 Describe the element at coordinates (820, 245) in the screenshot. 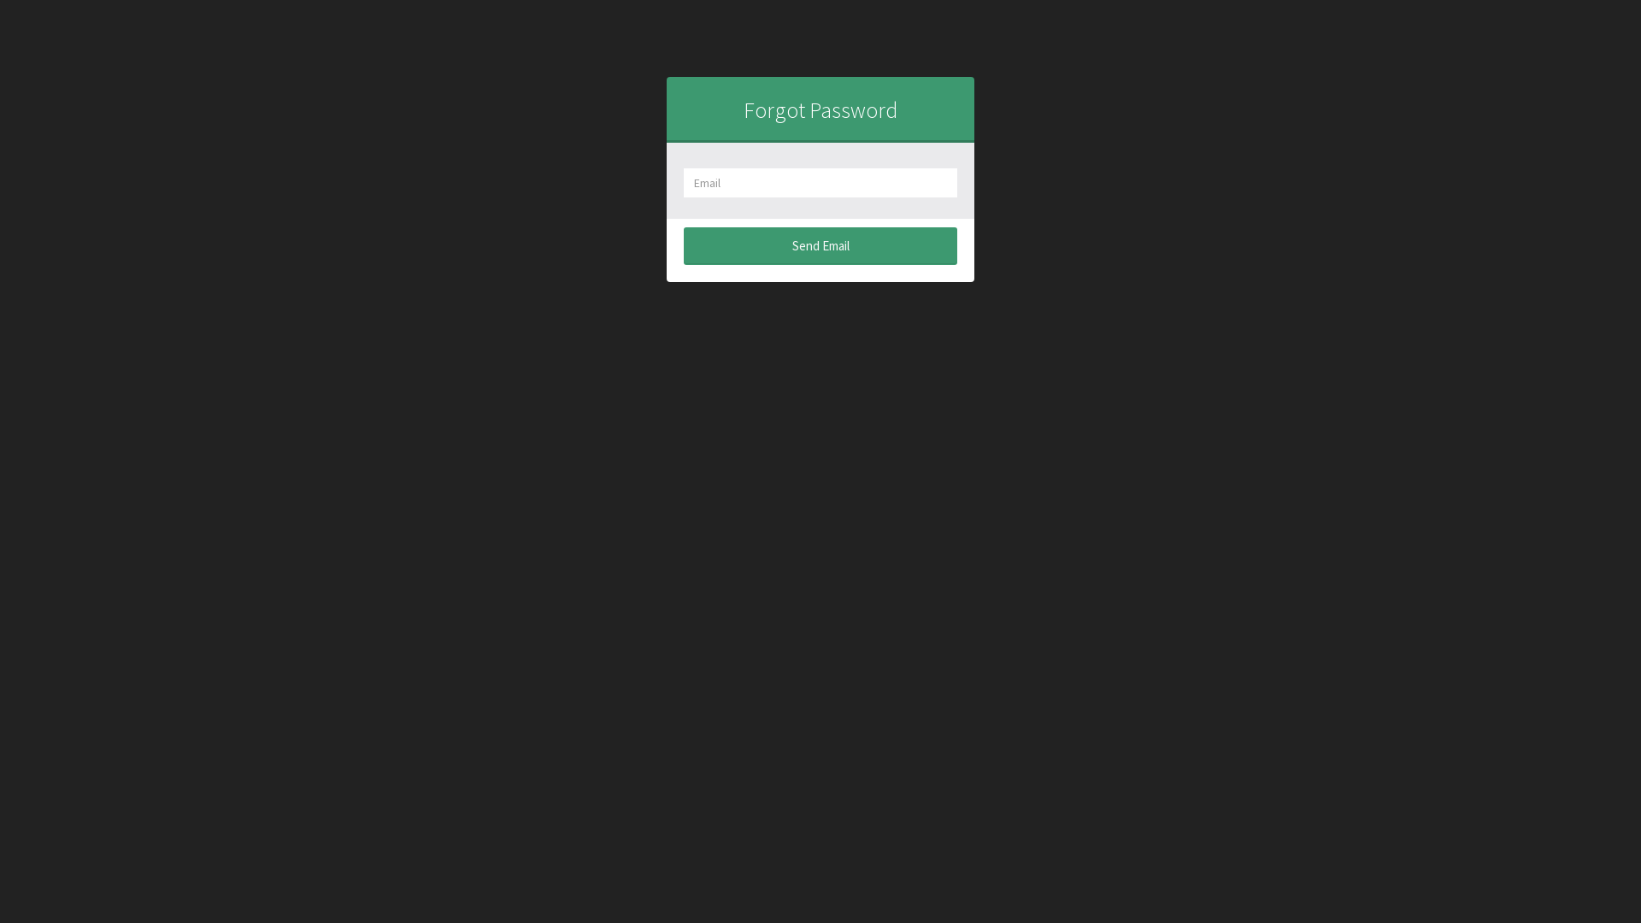

I see `'Send Email'` at that location.